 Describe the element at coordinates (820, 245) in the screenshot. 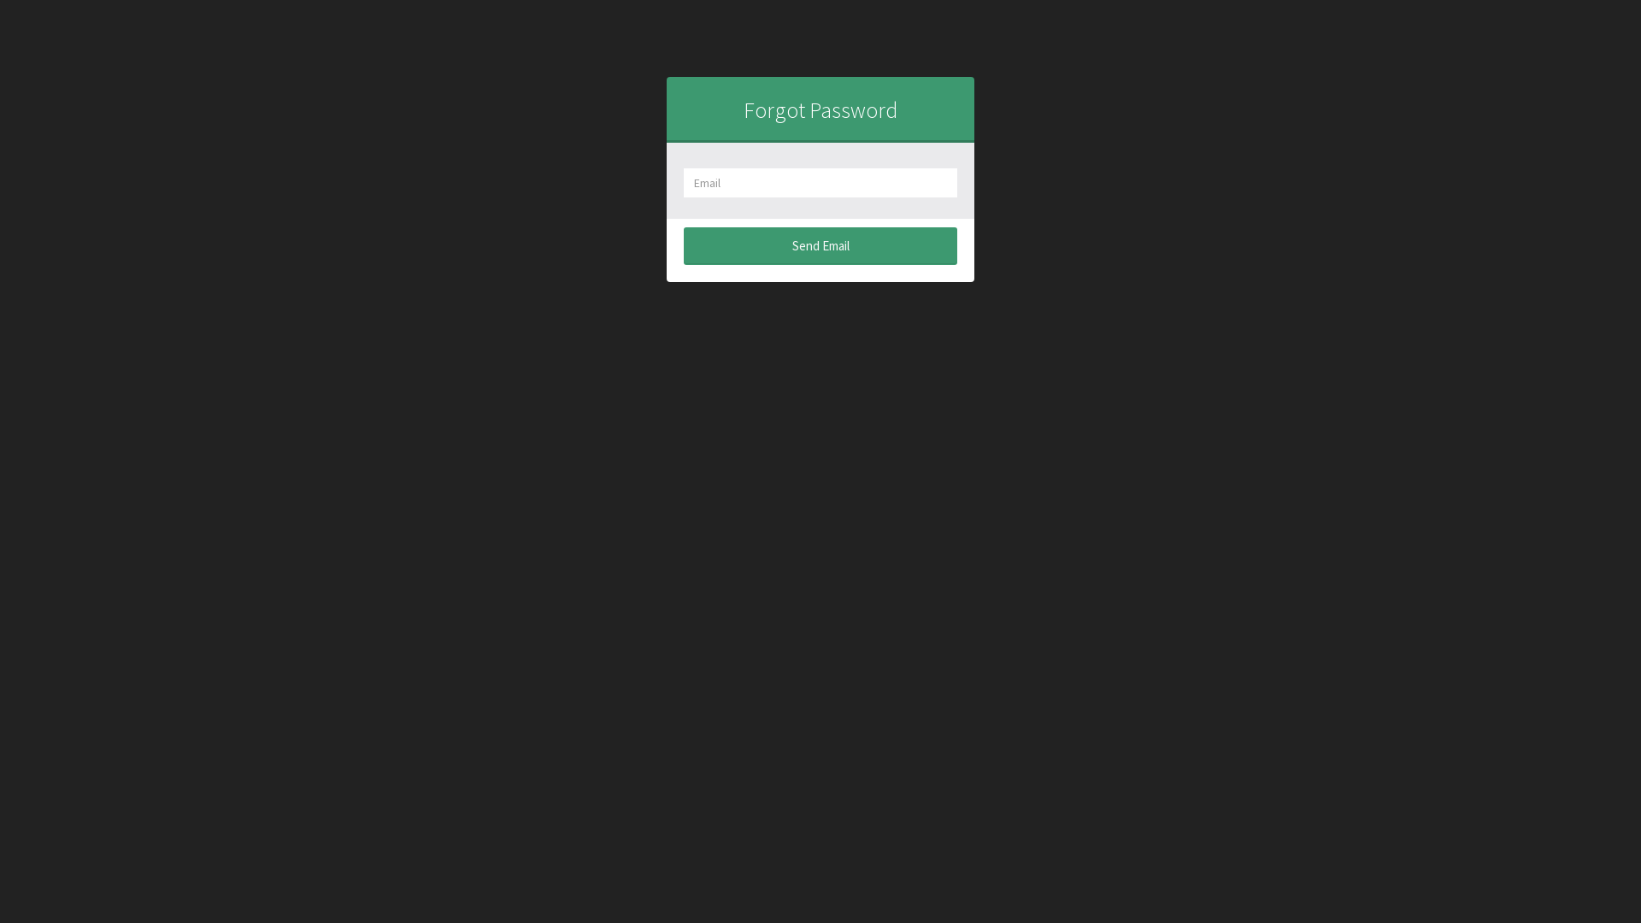

I see `'Send Email'` at that location.